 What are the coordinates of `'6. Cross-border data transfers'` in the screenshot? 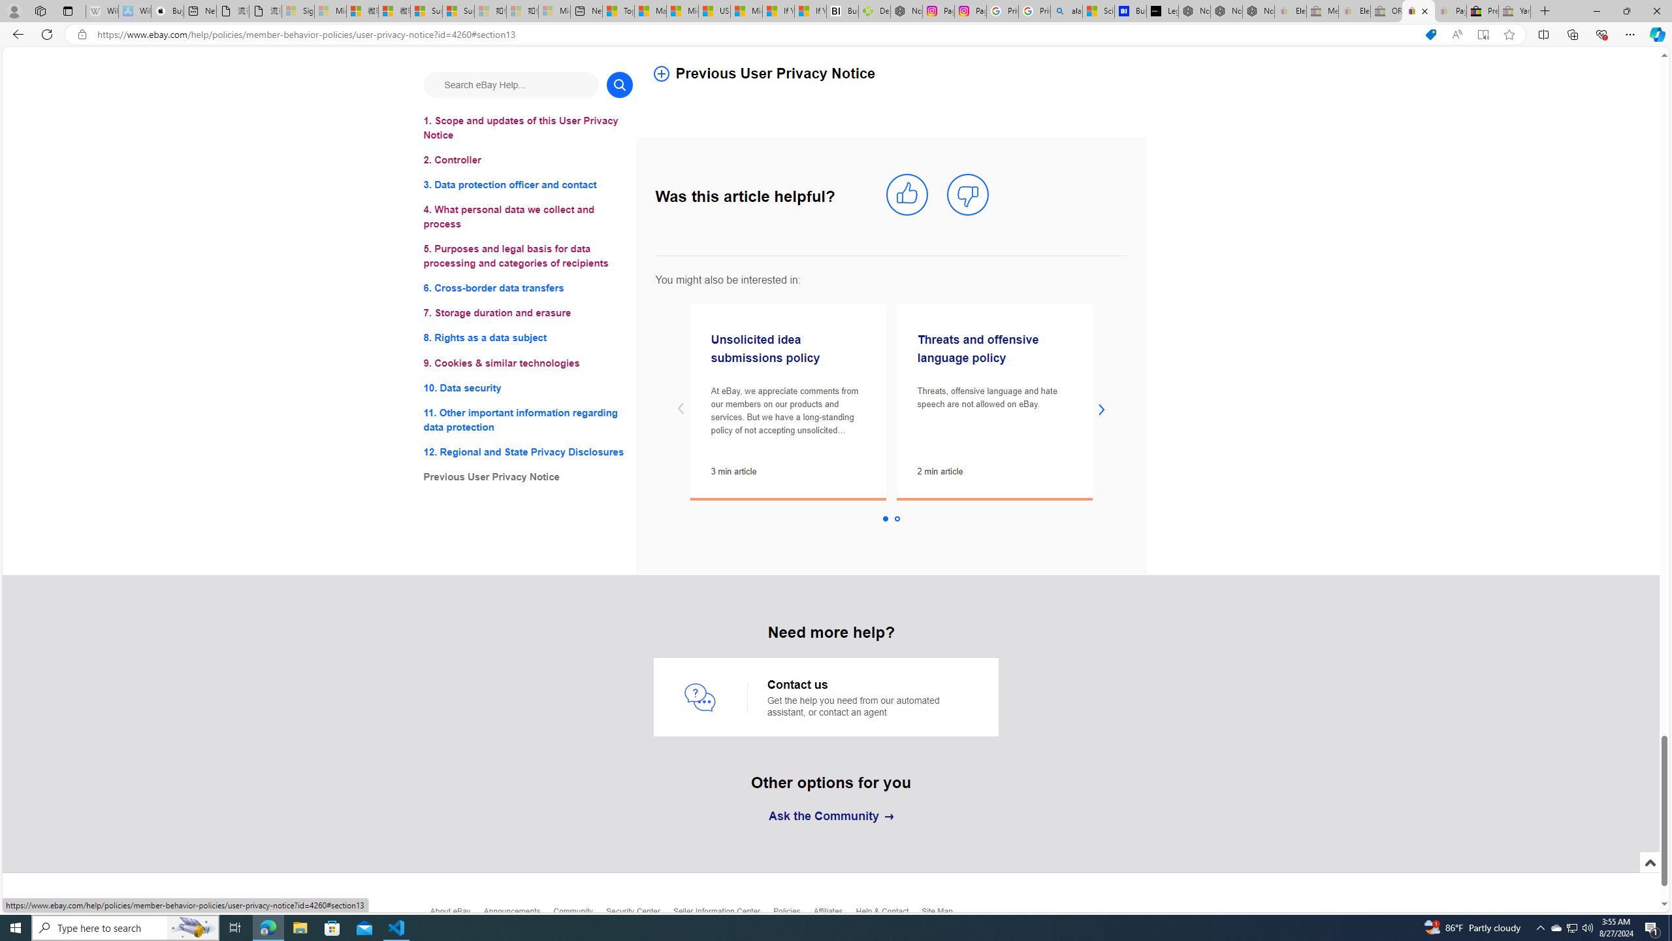 It's located at (527, 288).